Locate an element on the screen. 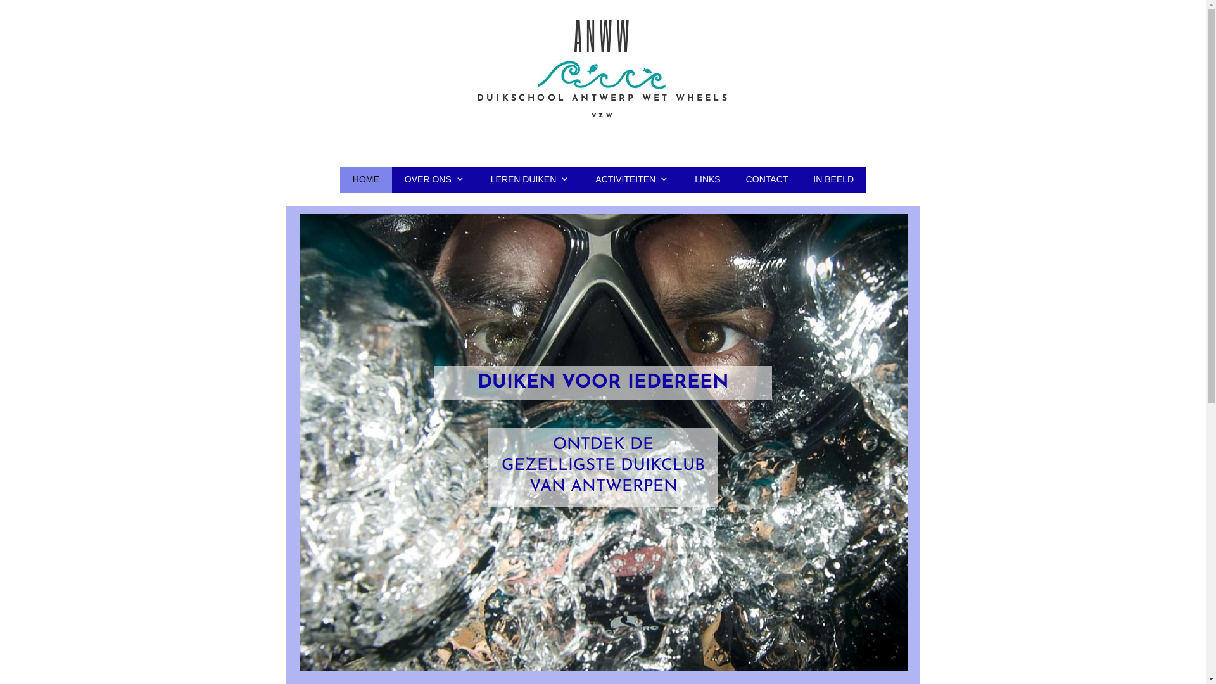 The width and height of the screenshot is (1216, 684). 'OVER ONS' is located at coordinates (434, 179).